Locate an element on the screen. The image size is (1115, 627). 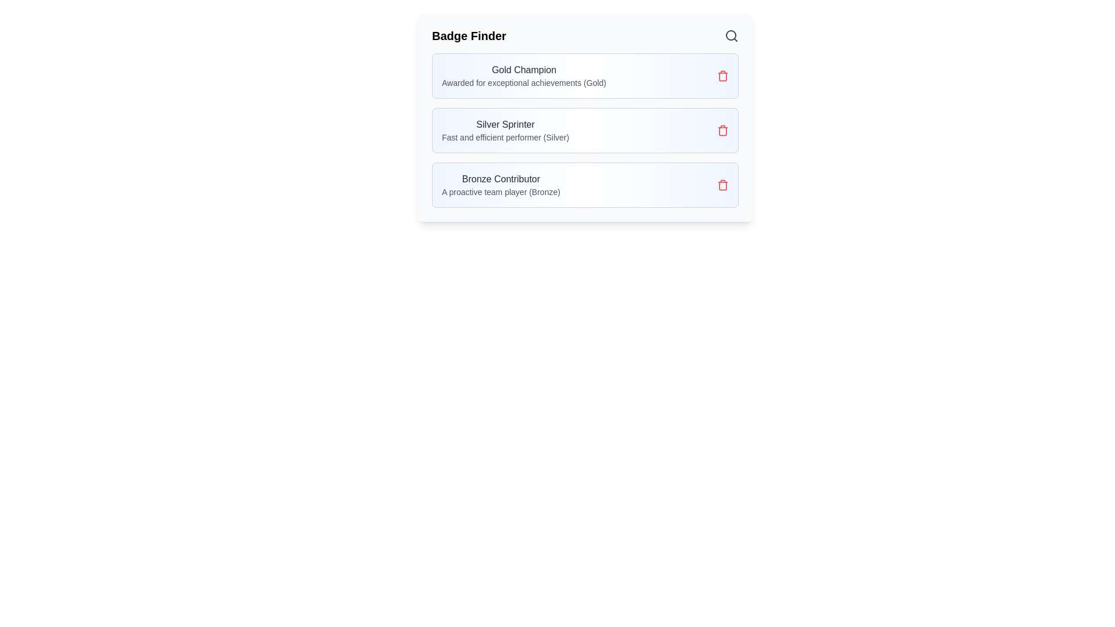
displayed title 'Gold Champion' and its description in the first badge card located under the 'Badge Finder' header is located at coordinates (523, 76).